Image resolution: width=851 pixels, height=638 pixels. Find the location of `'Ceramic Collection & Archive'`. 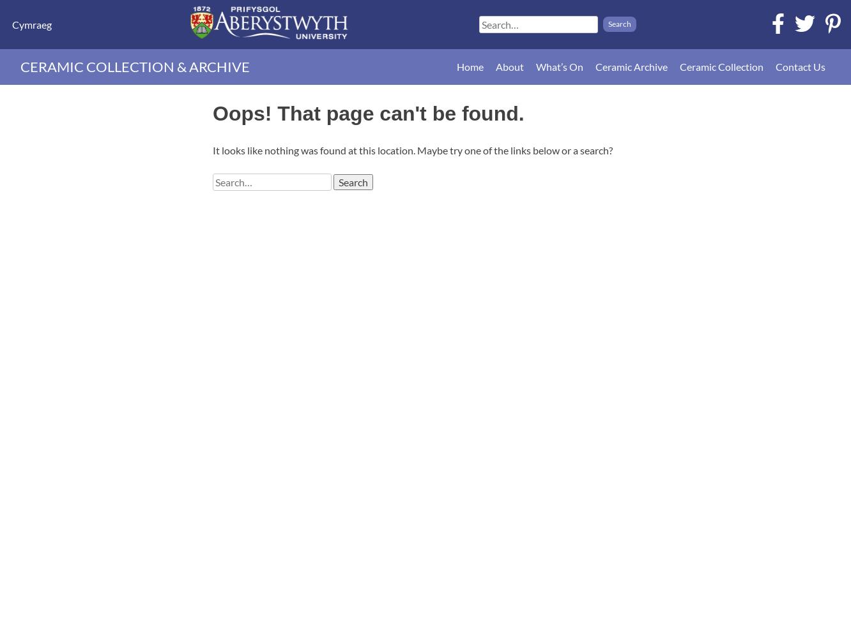

'Ceramic Collection & Archive' is located at coordinates (134, 65).